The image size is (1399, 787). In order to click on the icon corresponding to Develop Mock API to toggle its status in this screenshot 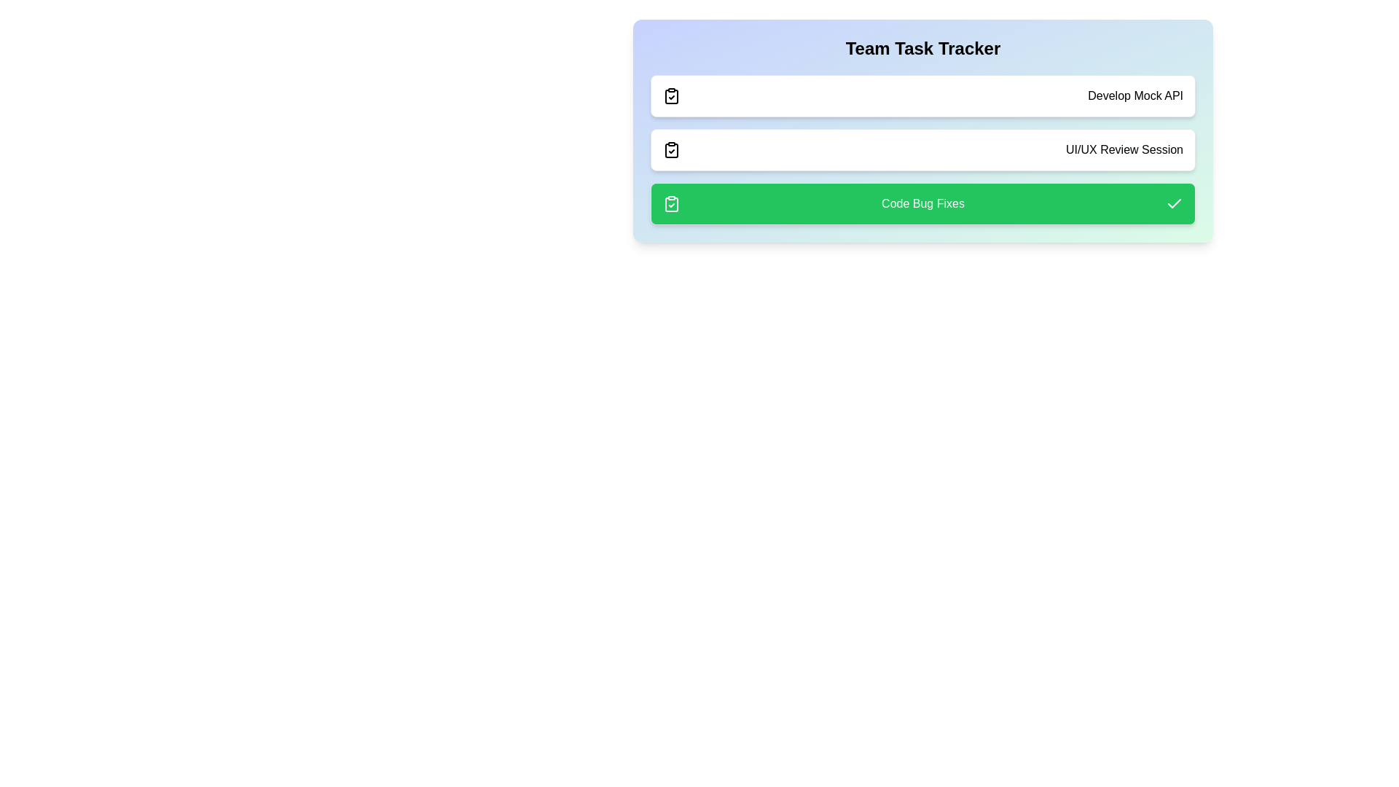, I will do `click(670, 95)`.